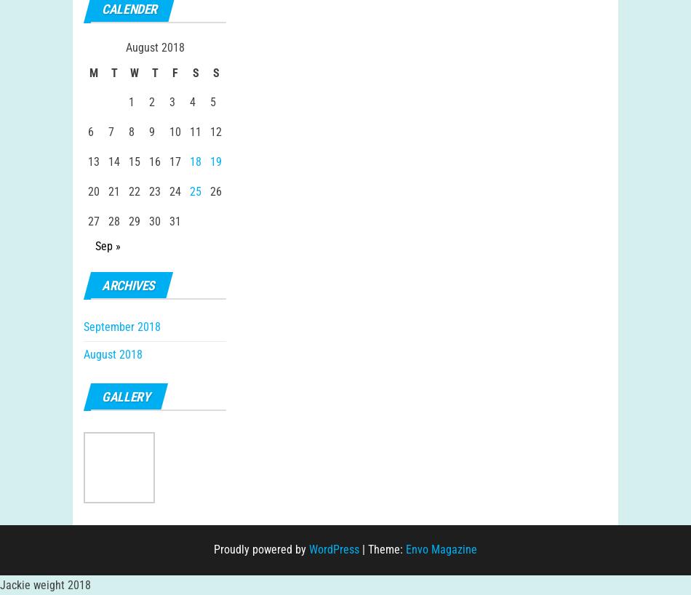  What do you see at coordinates (215, 145) in the screenshot?
I see `'12'` at bounding box center [215, 145].